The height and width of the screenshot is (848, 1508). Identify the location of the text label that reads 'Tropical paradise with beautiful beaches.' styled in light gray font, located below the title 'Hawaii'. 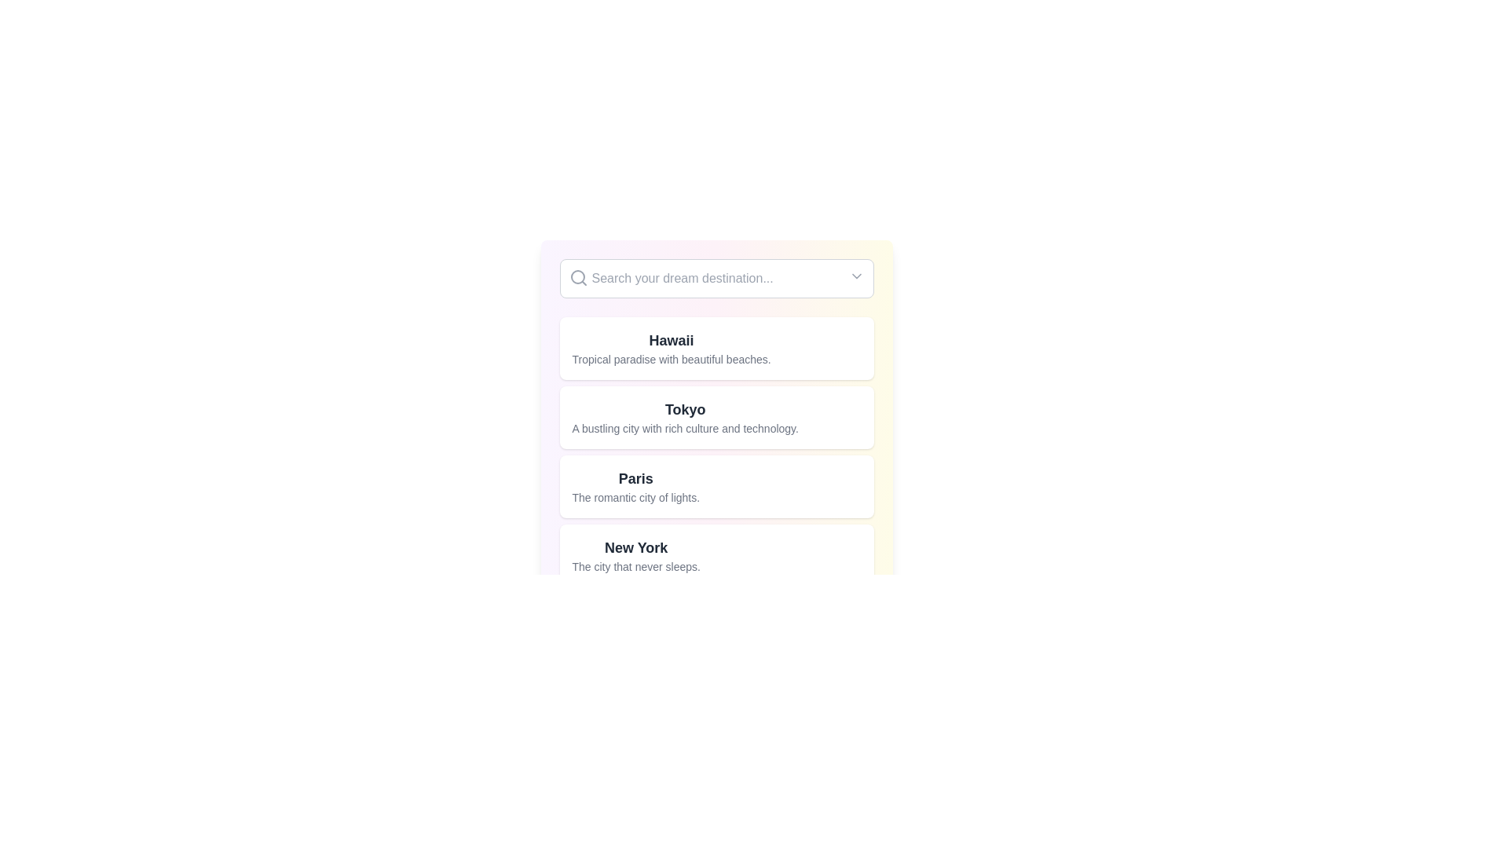
(672, 360).